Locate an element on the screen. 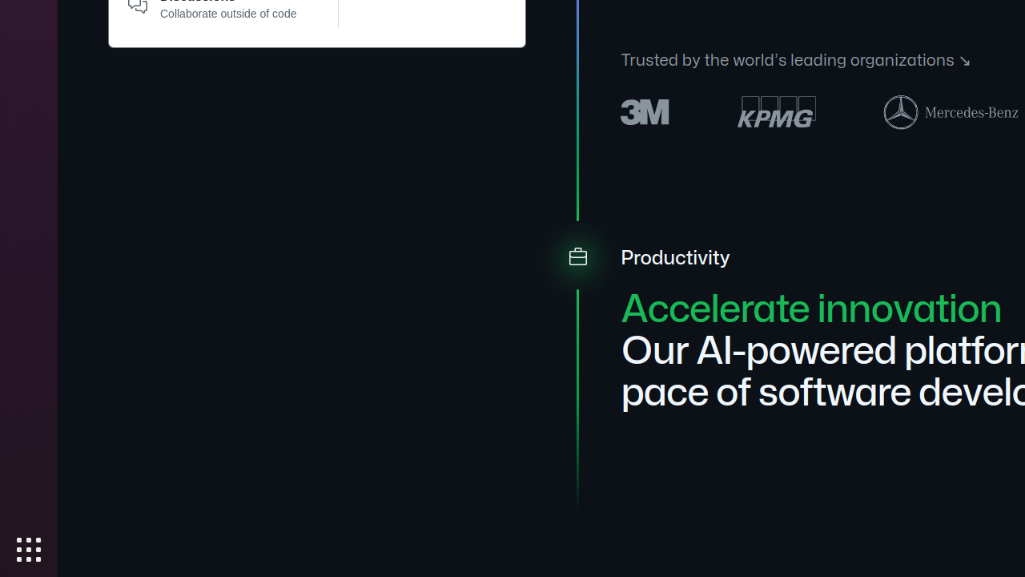 The image size is (1025, 577). 'Show Applications' is located at coordinates (28, 549).